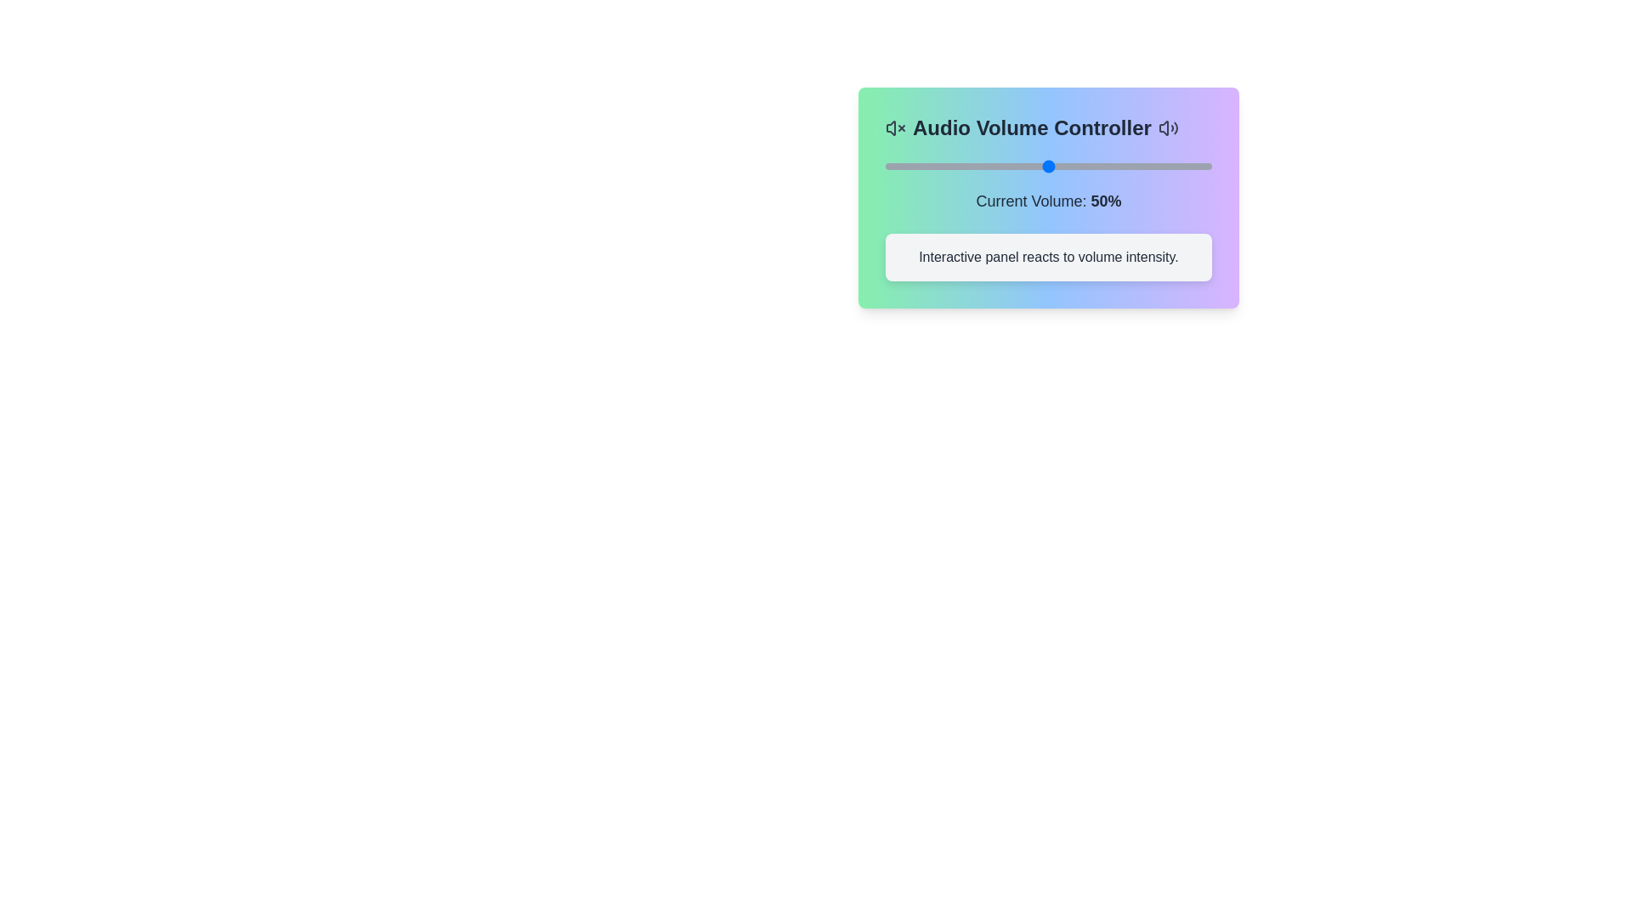  I want to click on the volume slider to set the volume to 76%, so click(1133, 167).